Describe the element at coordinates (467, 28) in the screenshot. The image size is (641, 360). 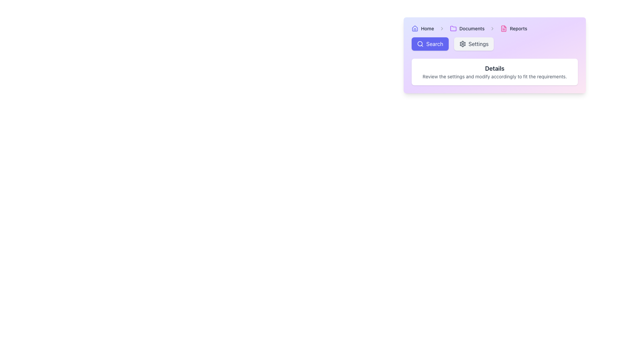
I see `the 'Documents' Breadcrumb item, which is the second item in the navigation breadcrumb bar, located between 'Home' and 'Reports', to receive tooltip or highlight feedback` at that location.